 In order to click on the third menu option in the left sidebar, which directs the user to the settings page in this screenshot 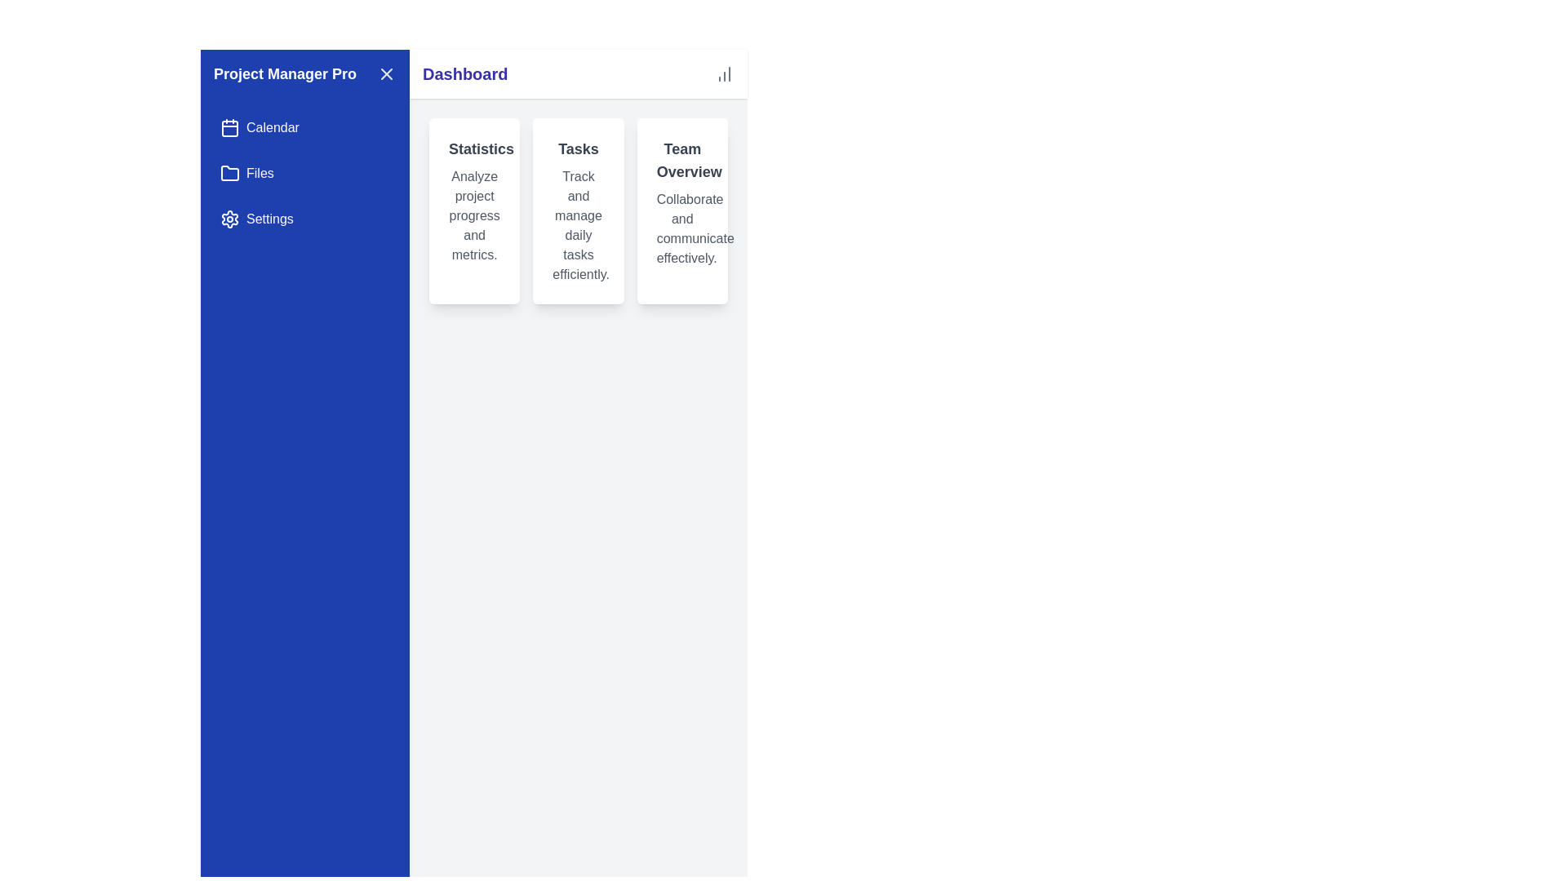, I will do `click(269, 219)`.